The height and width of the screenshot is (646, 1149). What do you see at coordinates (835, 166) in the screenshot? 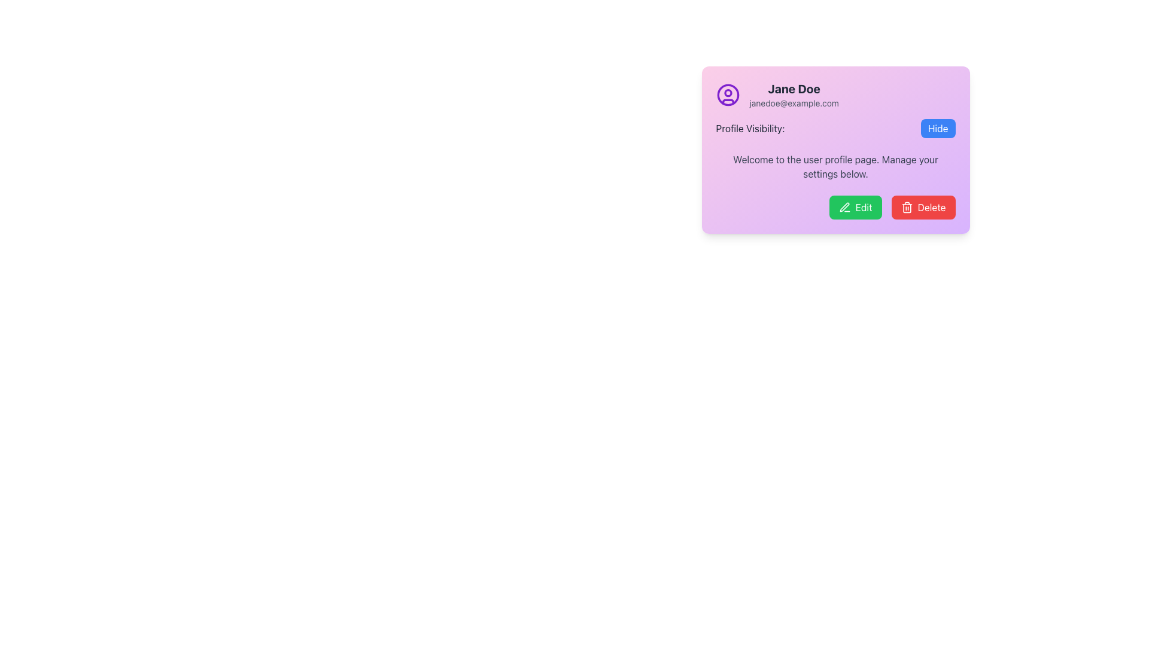
I see `the informative Text label located within the rectangular card on the user profile page, positioned below the 'Profile Visibility' label and above the 'Edit' and 'Delete' buttons` at bounding box center [835, 166].